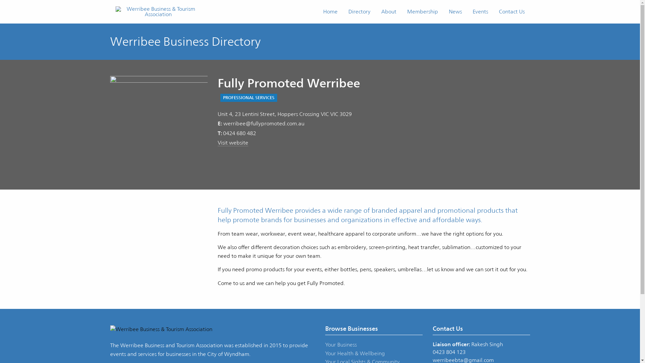  I want to click on 'News', so click(455, 11).